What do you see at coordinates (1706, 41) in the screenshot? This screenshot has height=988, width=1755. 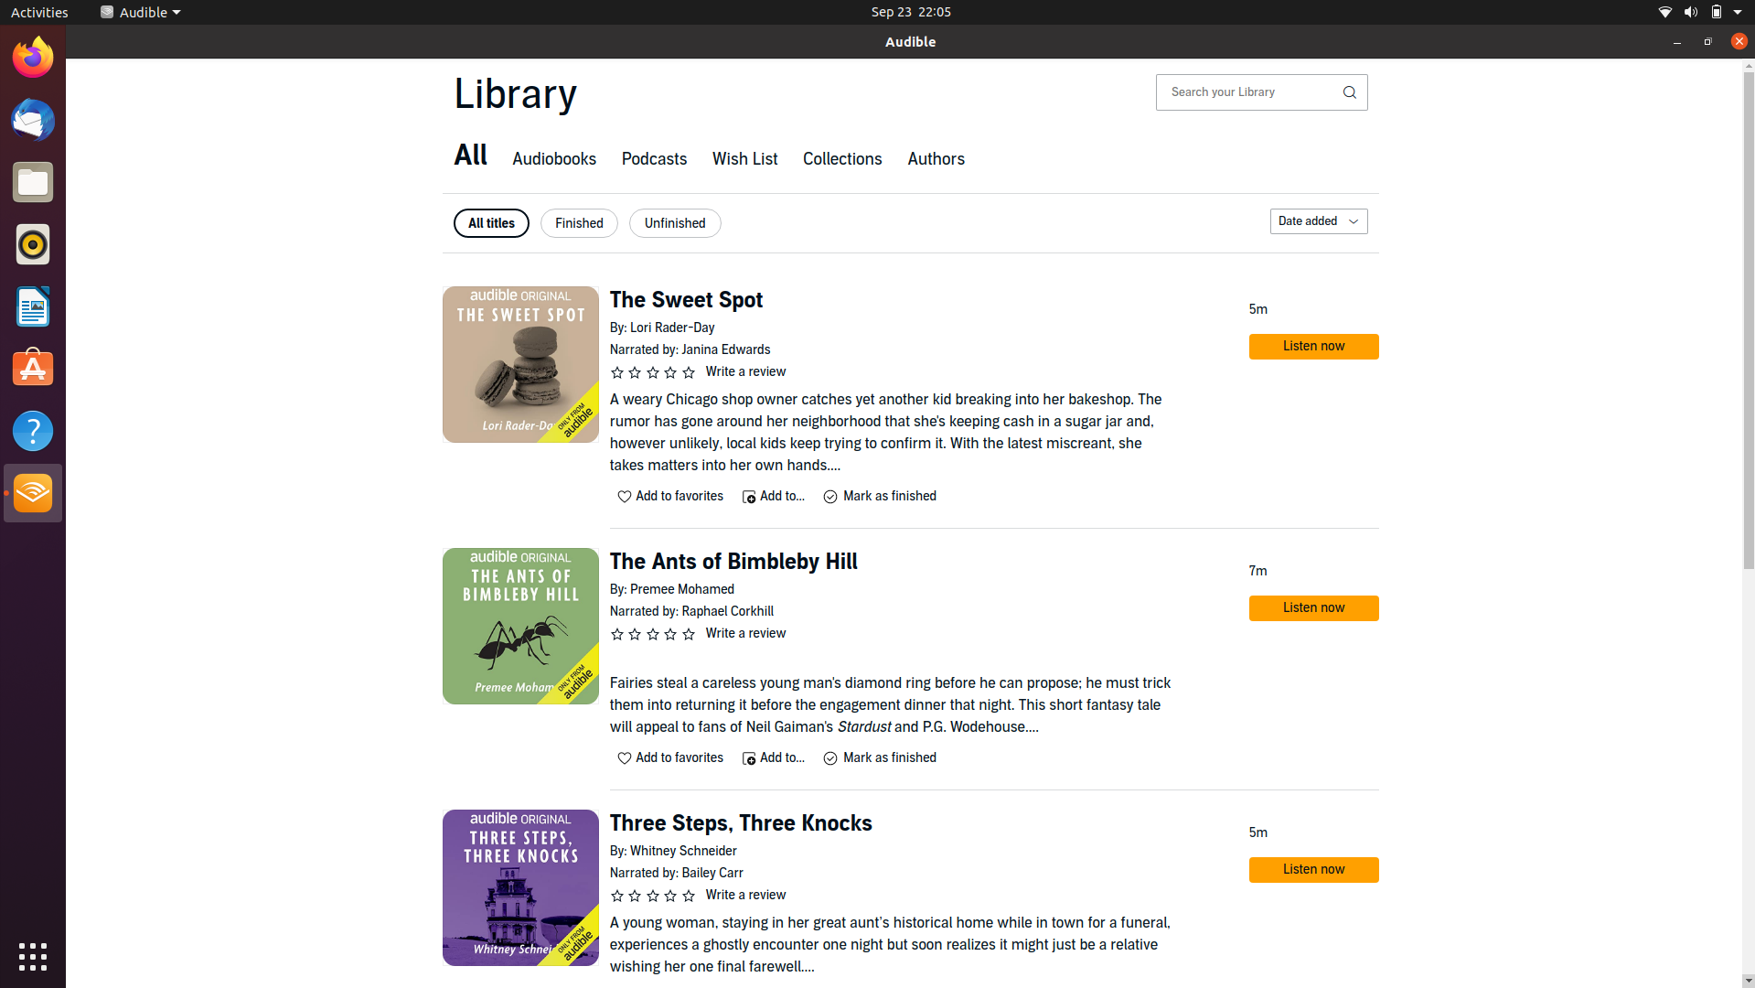 I see `Expand to full screen mode` at bounding box center [1706, 41].